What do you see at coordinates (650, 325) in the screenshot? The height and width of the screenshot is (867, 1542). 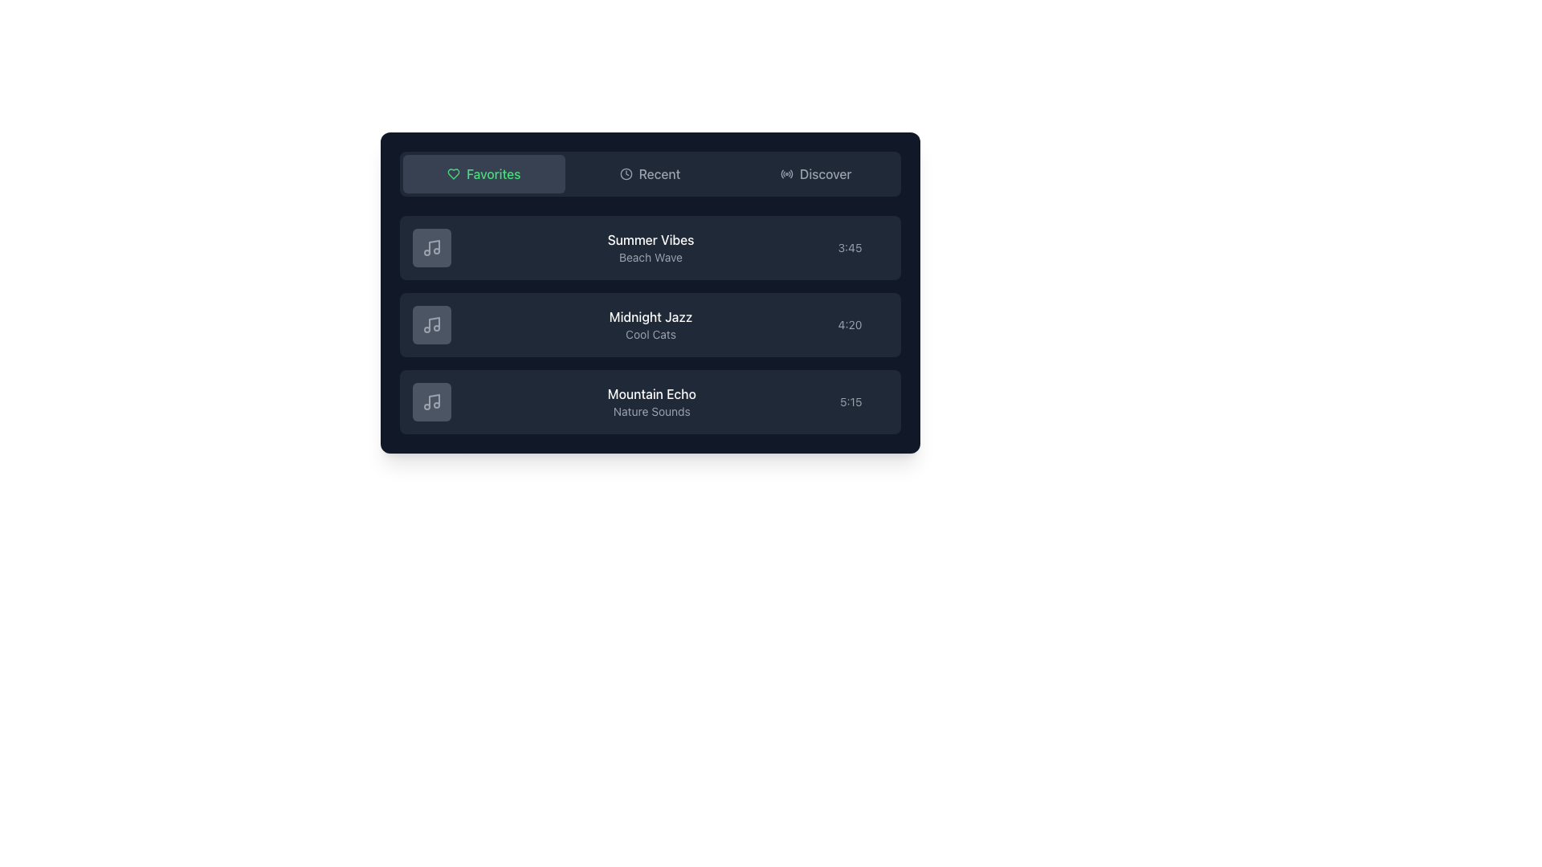 I see `the second list item representing a music track, which displays the name, subtitle, and duration` at bounding box center [650, 325].